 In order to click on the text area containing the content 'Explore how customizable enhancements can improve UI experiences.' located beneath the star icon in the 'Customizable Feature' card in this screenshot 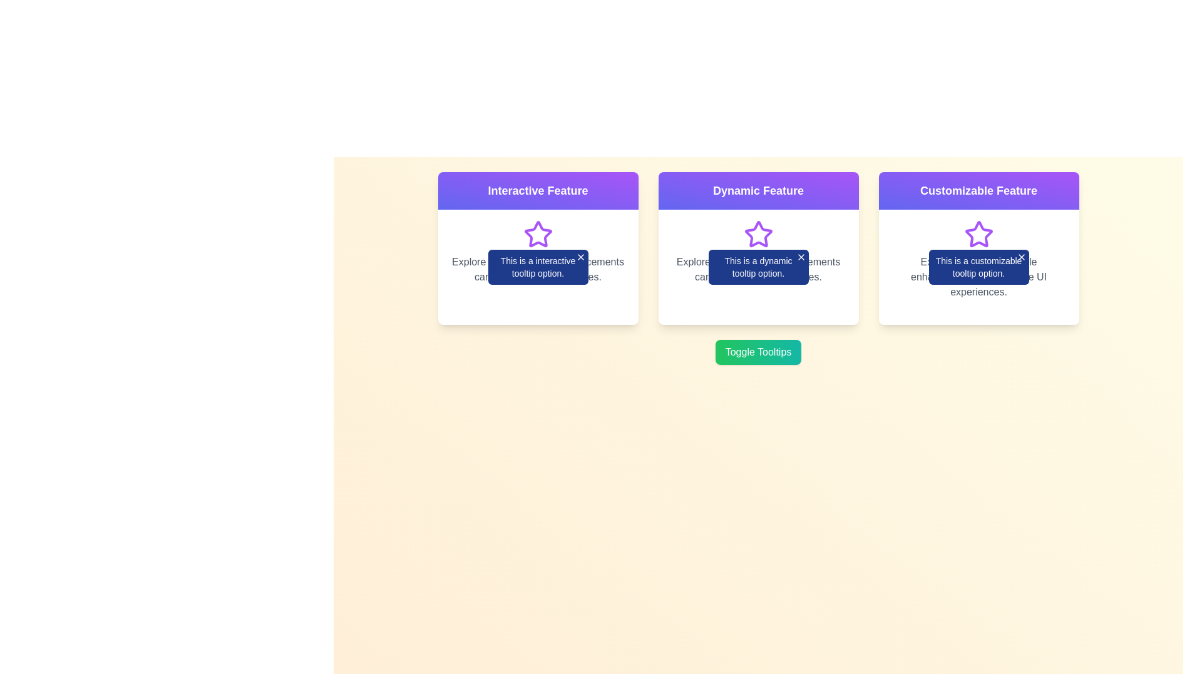, I will do `click(978, 259)`.